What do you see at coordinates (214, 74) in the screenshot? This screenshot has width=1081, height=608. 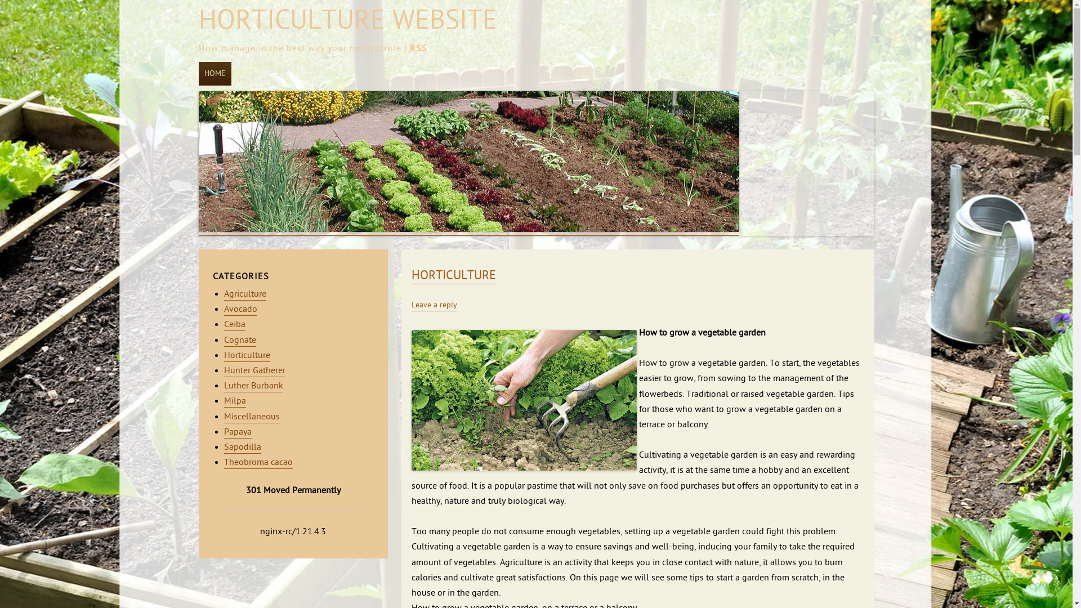 I see `'HOME'` at bounding box center [214, 74].